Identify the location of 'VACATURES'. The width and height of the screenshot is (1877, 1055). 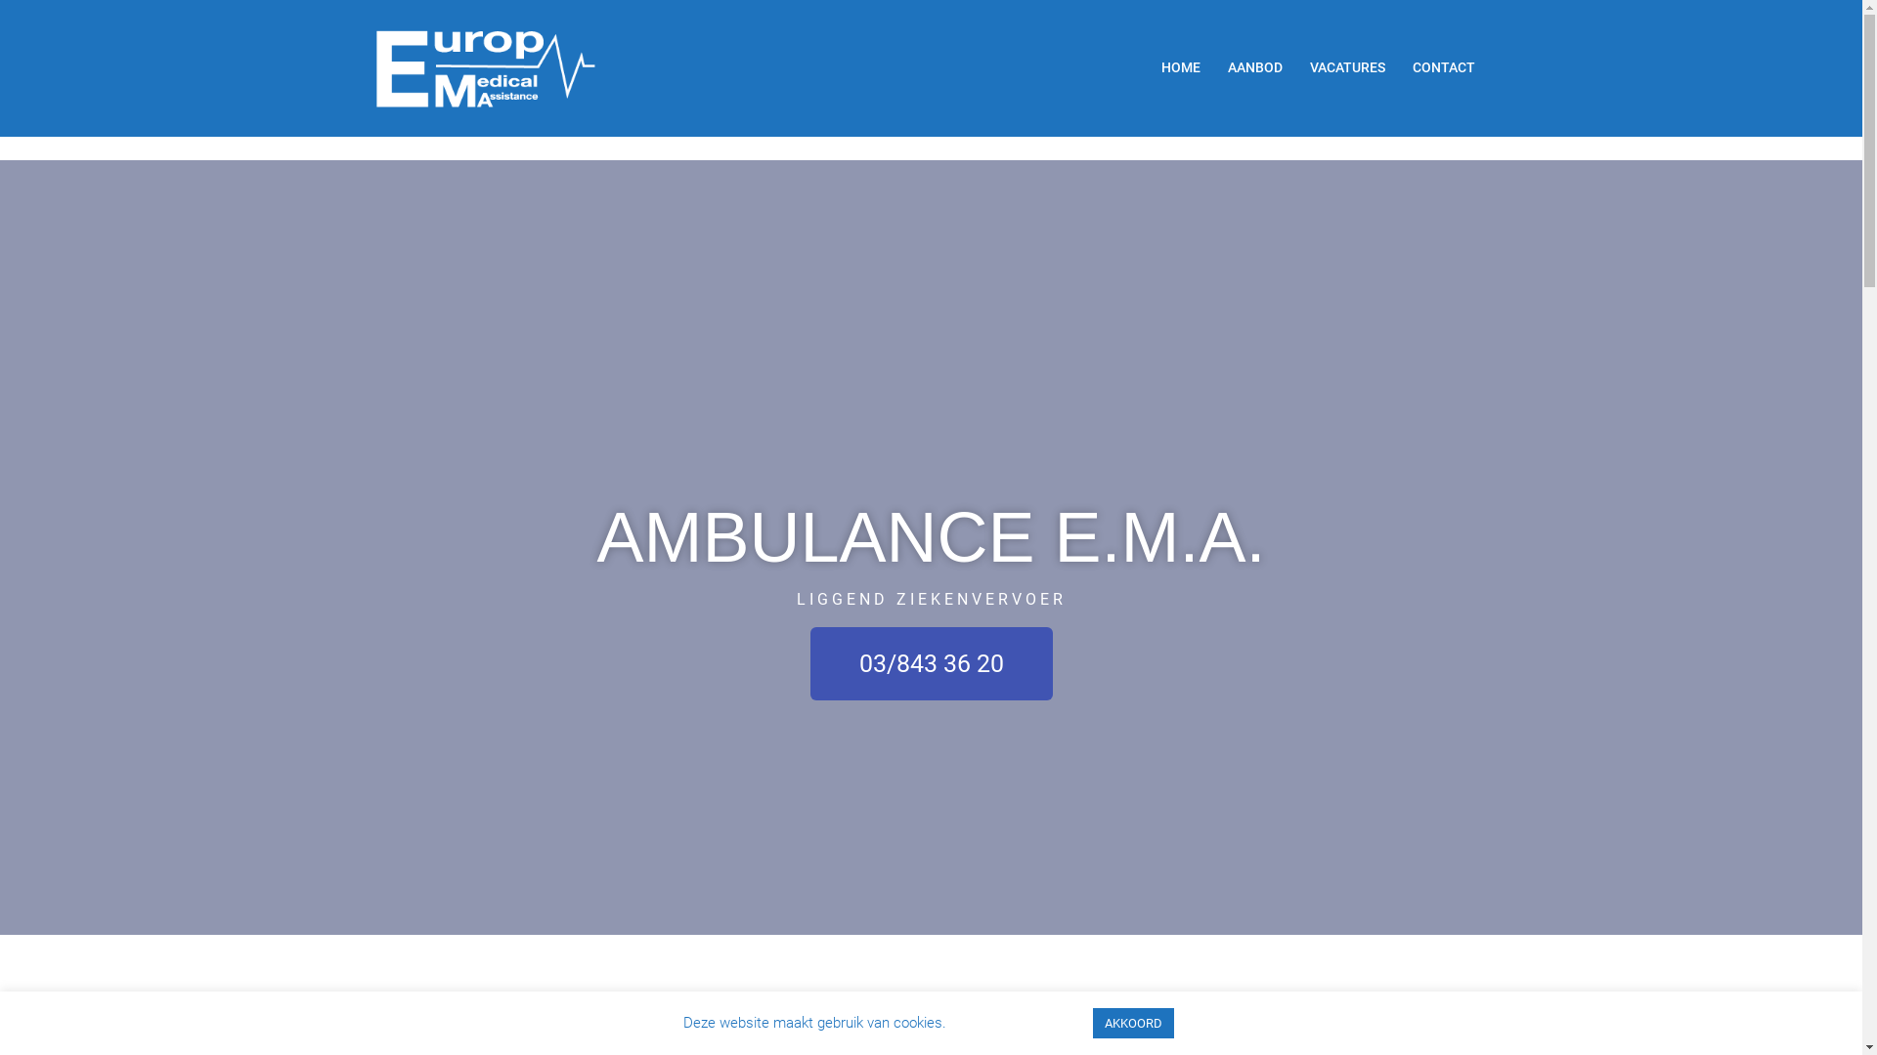
(1309, 66).